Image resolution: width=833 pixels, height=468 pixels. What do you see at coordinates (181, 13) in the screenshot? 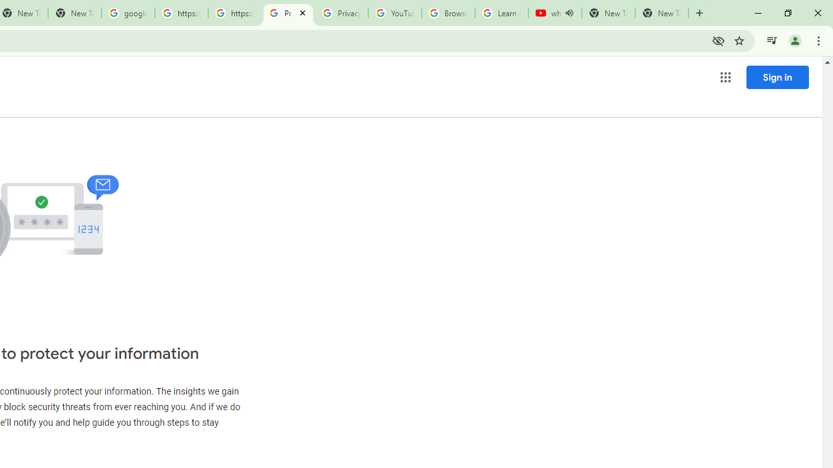
I see `'https://scholar.google.com/'` at bounding box center [181, 13].